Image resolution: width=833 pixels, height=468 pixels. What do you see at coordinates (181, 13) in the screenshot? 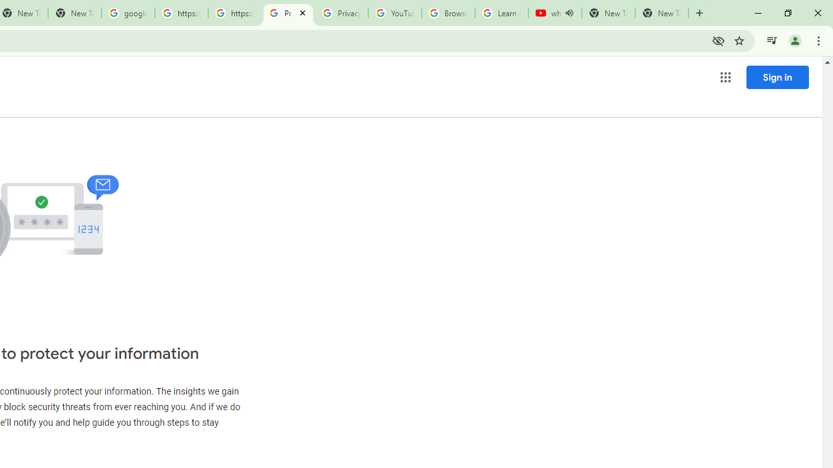
I see `'https://scholar.google.com/'` at bounding box center [181, 13].